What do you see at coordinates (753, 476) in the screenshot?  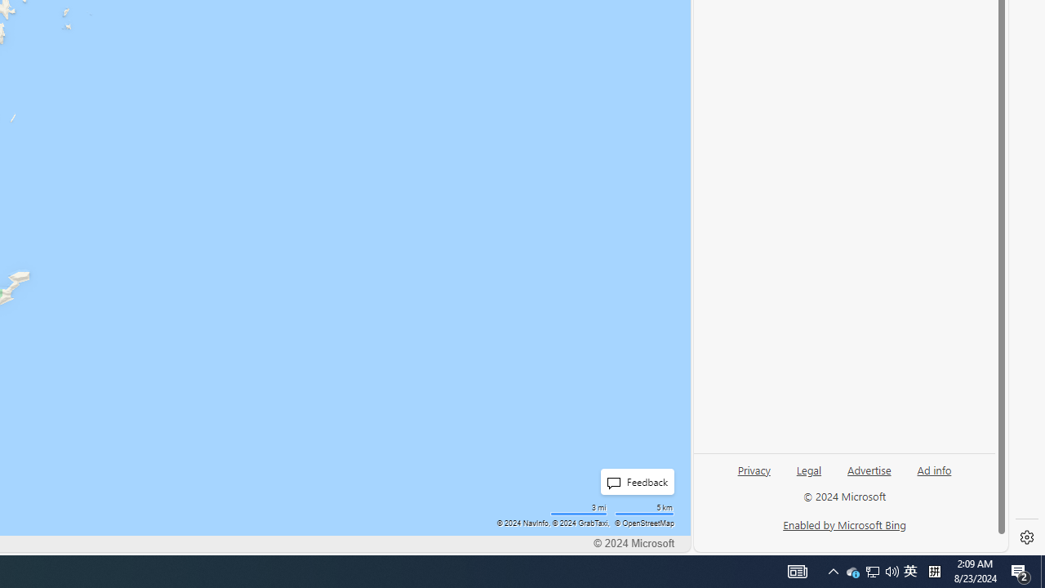 I see `'Privacy'` at bounding box center [753, 476].